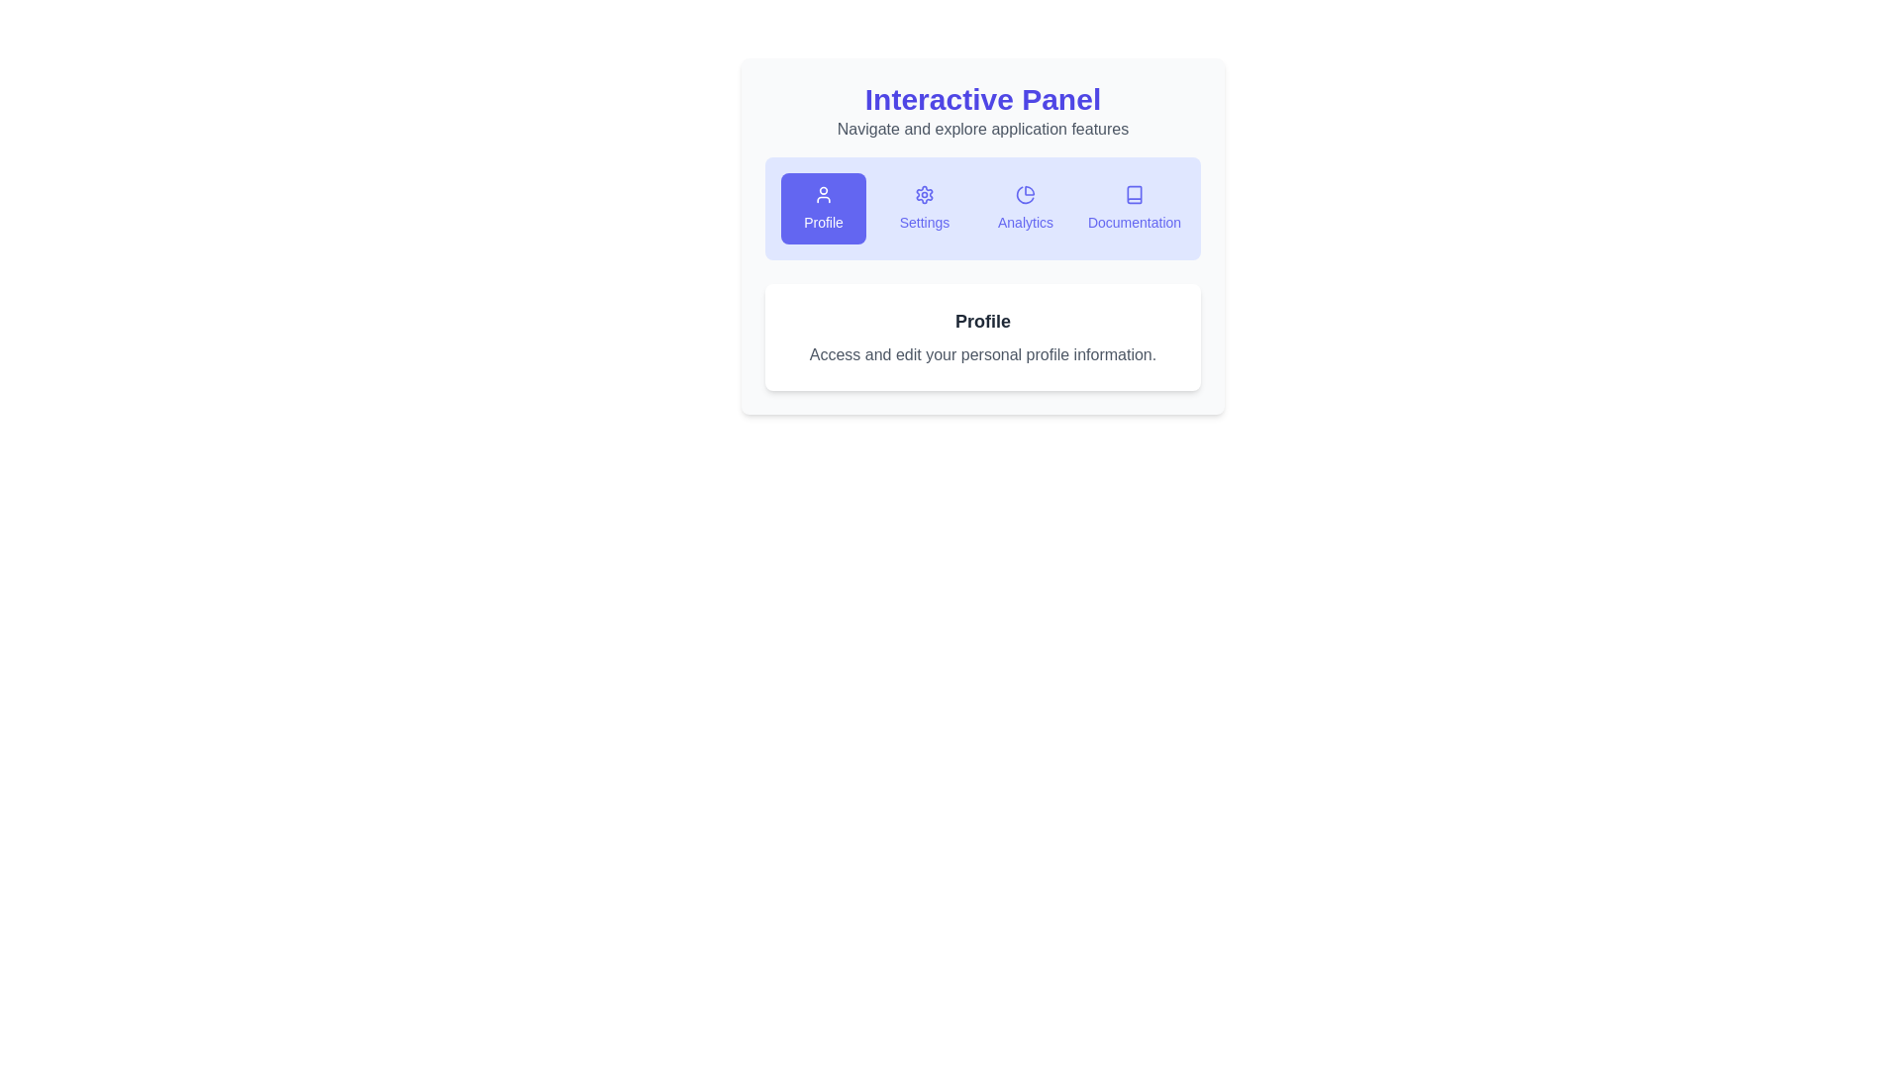  Describe the element at coordinates (1026, 209) in the screenshot. I see `the 'Analytics' button, which is a vertically-oriented button with a pie chart icon and is located between the 'Settings' and 'Documentation' buttons in the light indigo-colored section` at that location.